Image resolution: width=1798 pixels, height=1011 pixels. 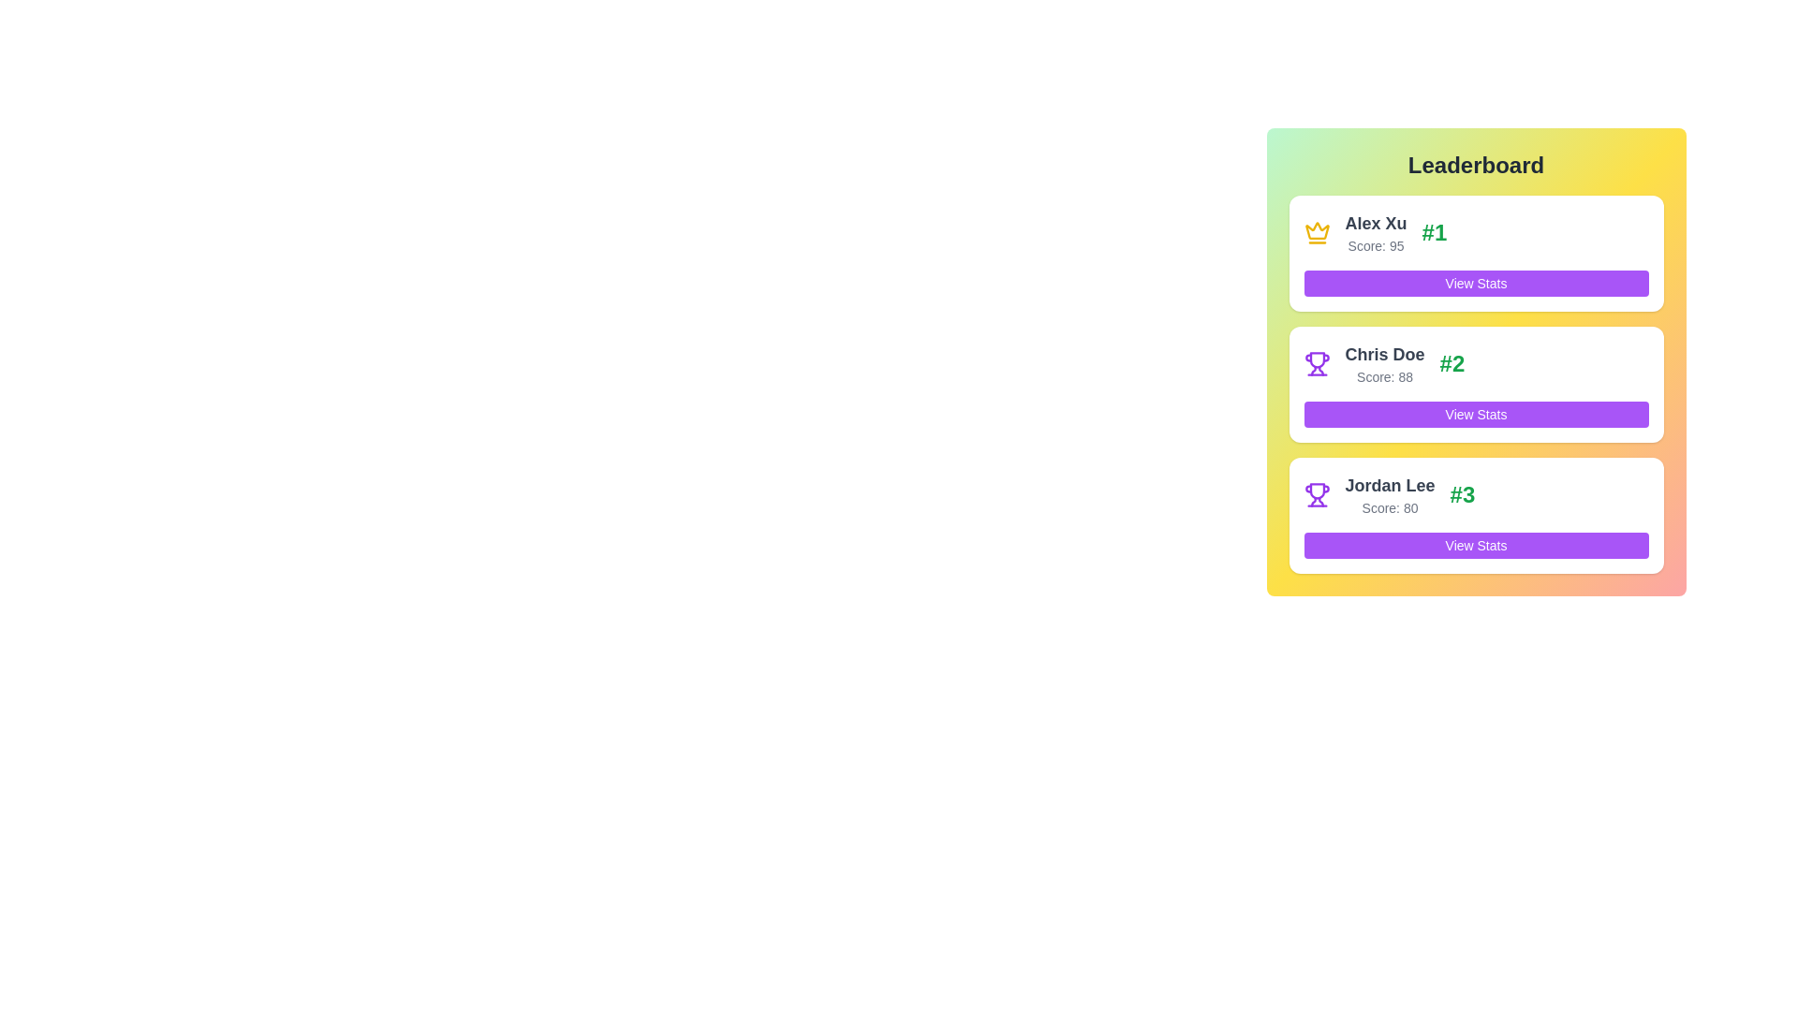 I want to click on the 'View Stats' button for player Chris Doe, so click(x=1475, y=414).